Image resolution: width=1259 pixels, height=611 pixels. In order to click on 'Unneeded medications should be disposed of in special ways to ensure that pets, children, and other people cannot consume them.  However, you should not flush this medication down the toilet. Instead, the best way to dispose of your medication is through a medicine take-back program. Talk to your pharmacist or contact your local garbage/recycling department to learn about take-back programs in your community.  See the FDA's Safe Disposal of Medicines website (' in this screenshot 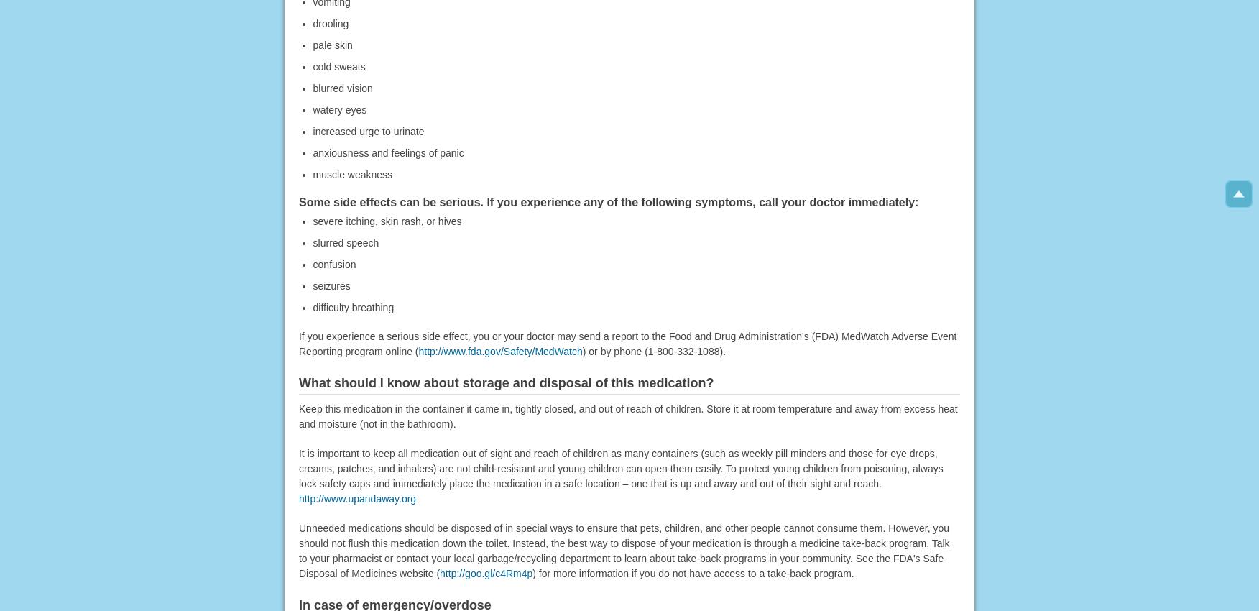, I will do `click(622, 550)`.